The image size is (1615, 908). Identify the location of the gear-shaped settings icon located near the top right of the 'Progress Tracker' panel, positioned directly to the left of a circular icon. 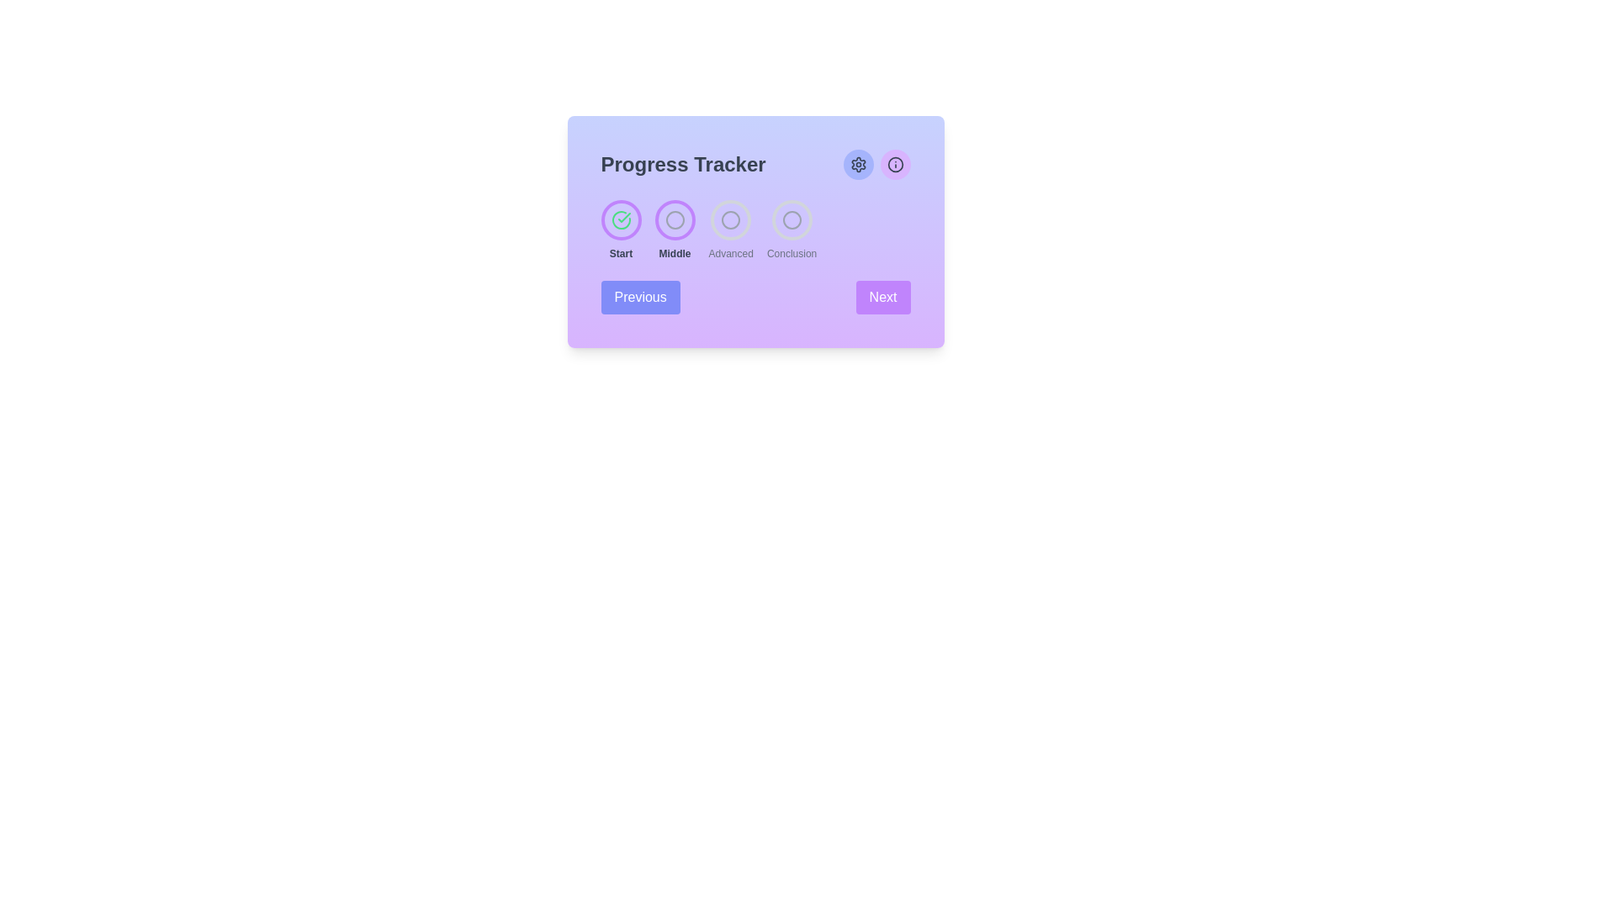
(858, 165).